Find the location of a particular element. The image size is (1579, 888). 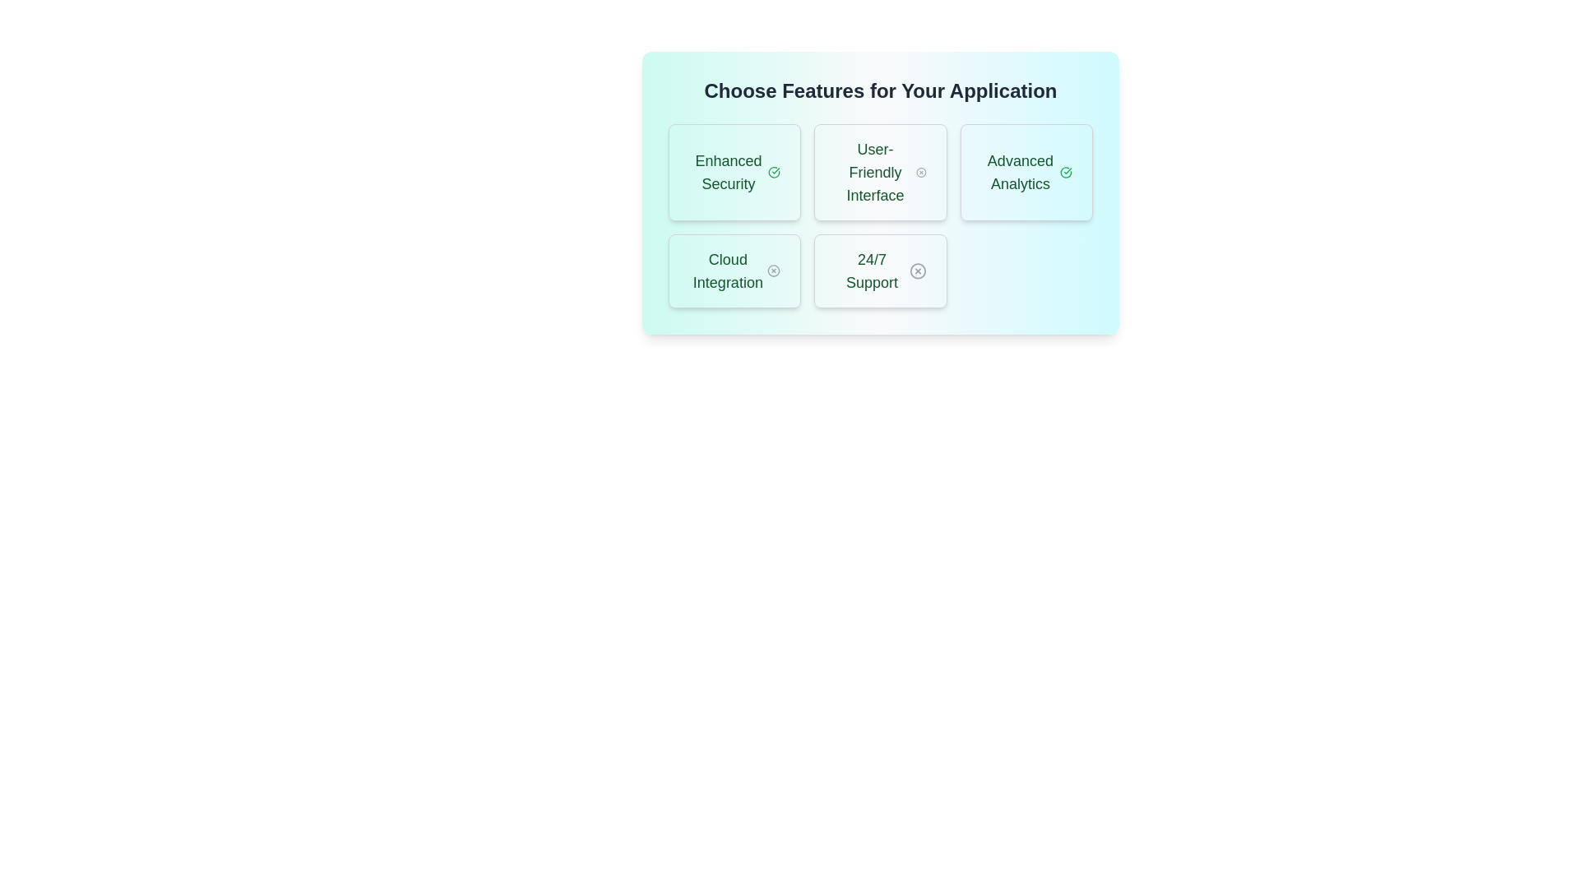

the feature Enhanced Security to trigger additional visual feedback is located at coordinates (734, 172).